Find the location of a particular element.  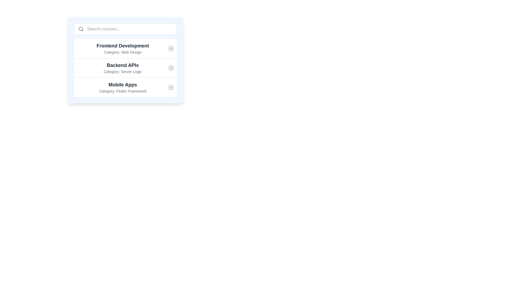

the Text Label that provides additional information about the 'Frontend Development' category, positioned directly below its corresponding text is located at coordinates (122, 52).